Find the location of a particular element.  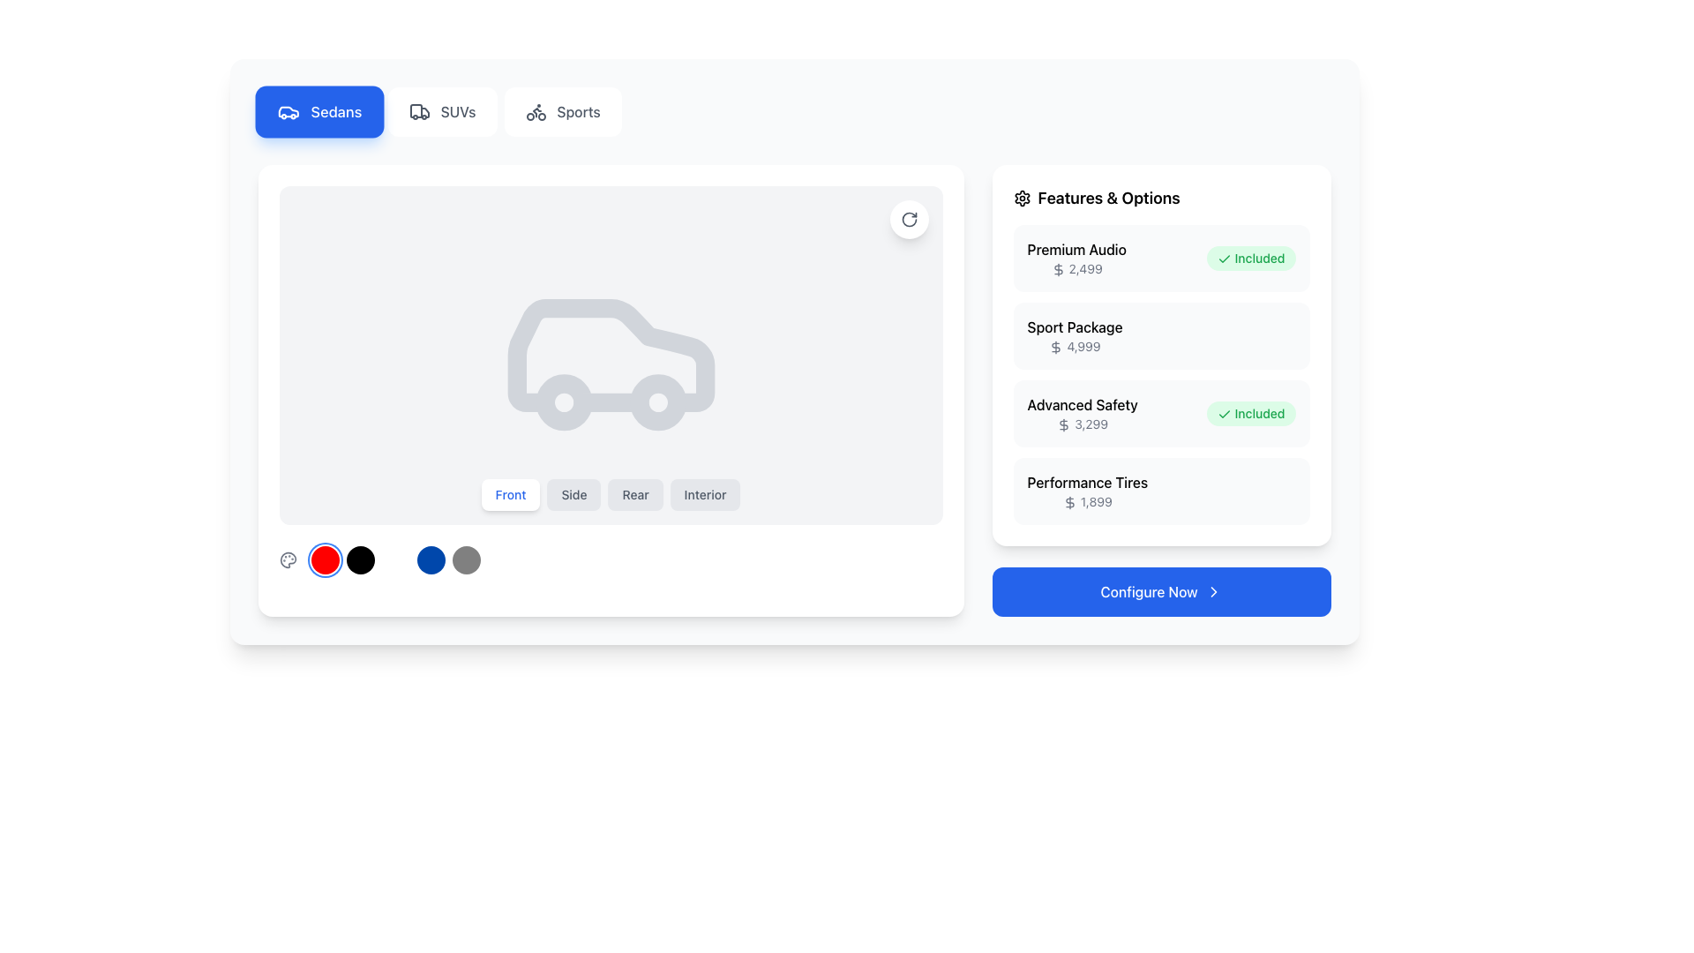

the gear or cogwheel icon in the top-right section of the interface, located within the 'Features & Options' column is located at coordinates (1022, 198).